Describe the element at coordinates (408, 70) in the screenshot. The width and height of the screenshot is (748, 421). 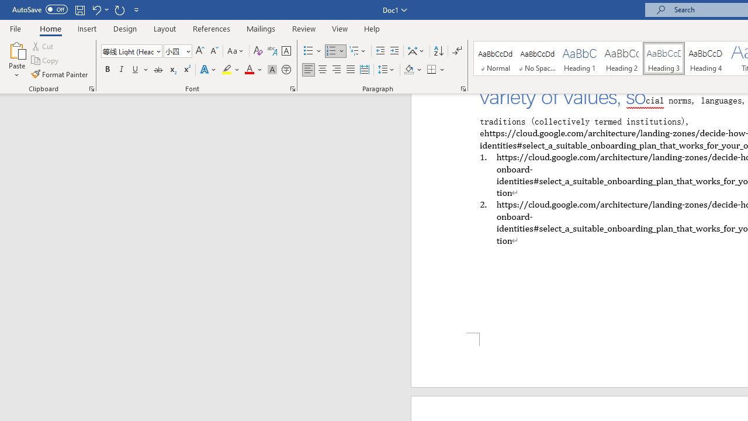
I see `'Shading RGB(0, 0, 0)'` at that location.